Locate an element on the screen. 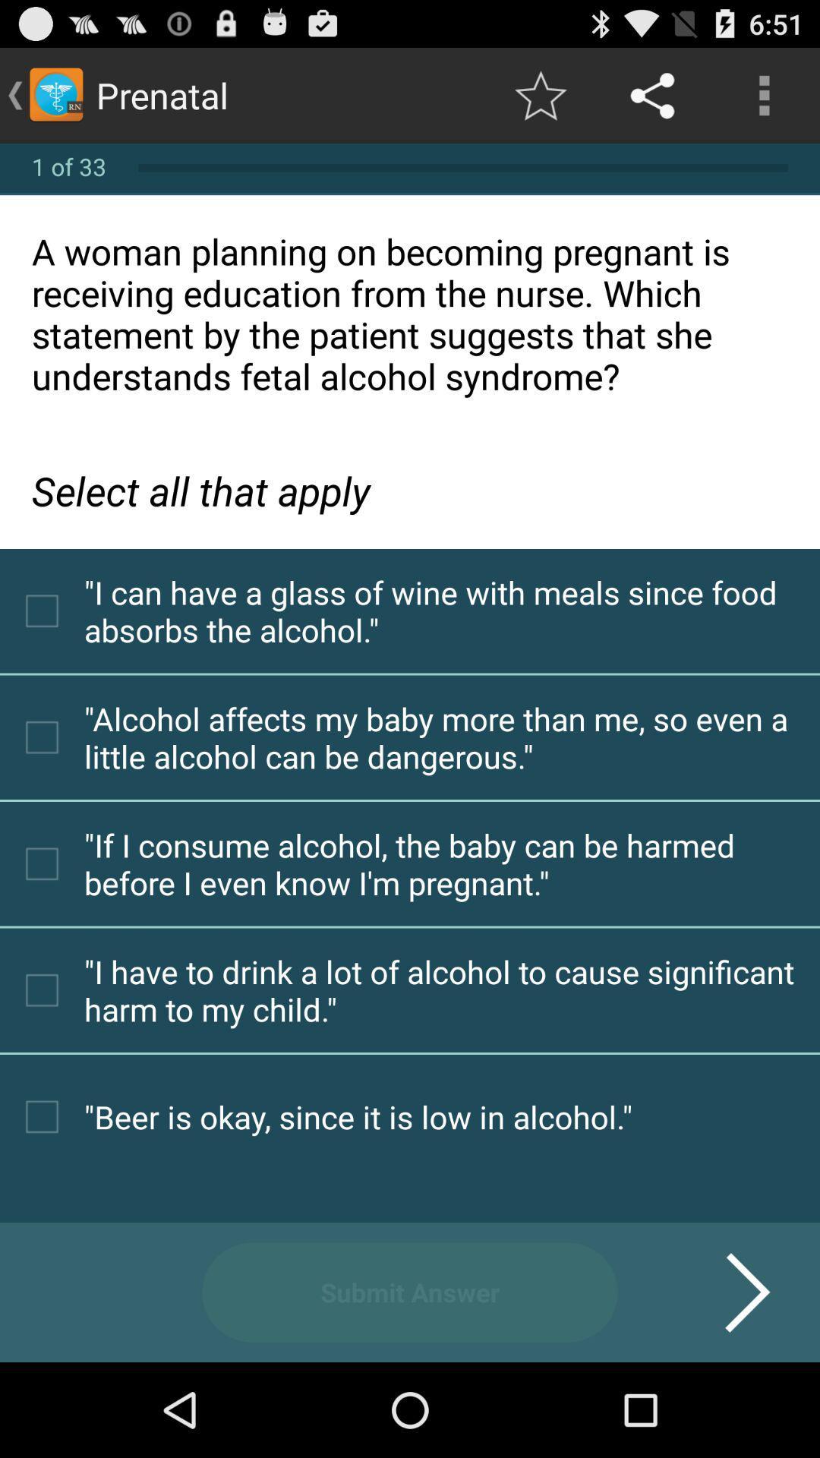  the item at the bottom right corner is located at coordinates (728, 1292).